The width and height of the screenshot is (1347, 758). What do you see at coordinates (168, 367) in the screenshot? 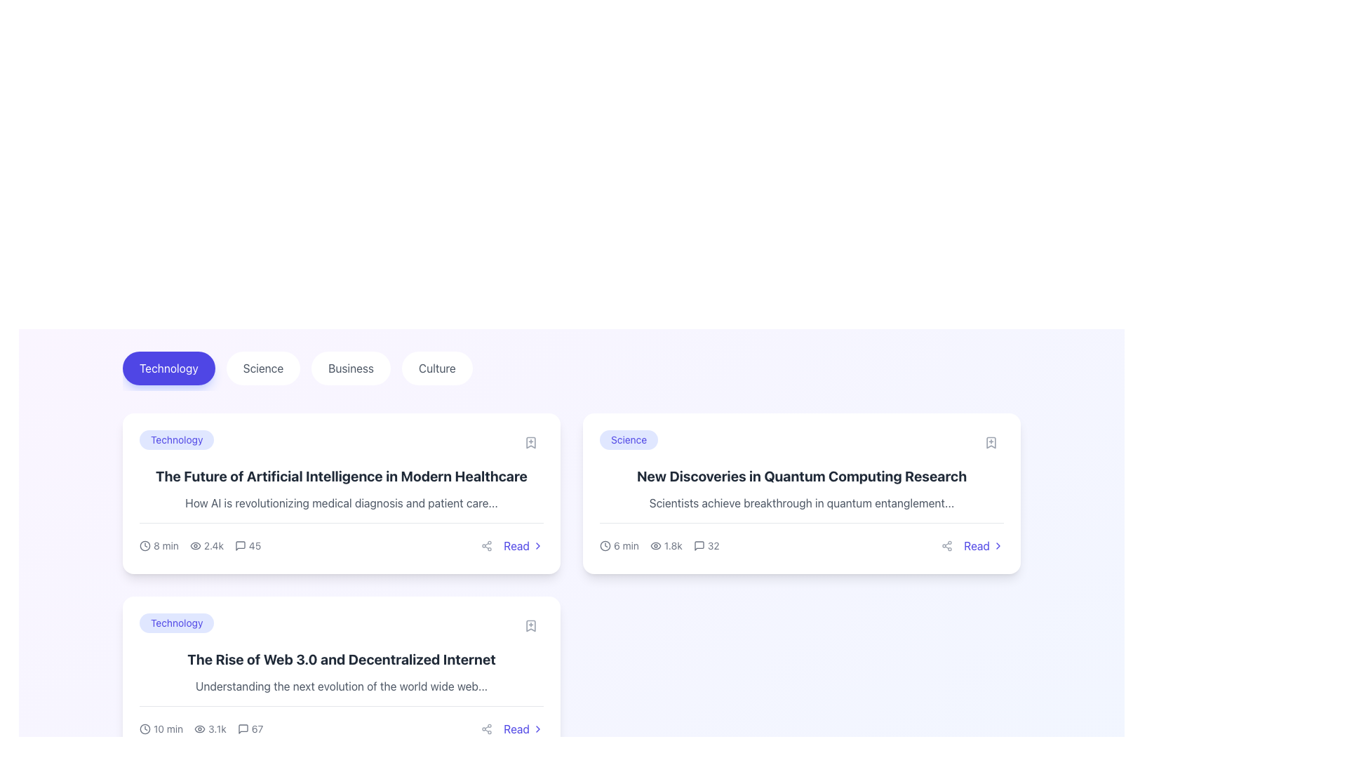
I see `the 'Technology' category selector button, which is the first button in a row of four buttons for filtering content` at bounding box center [168, 367].